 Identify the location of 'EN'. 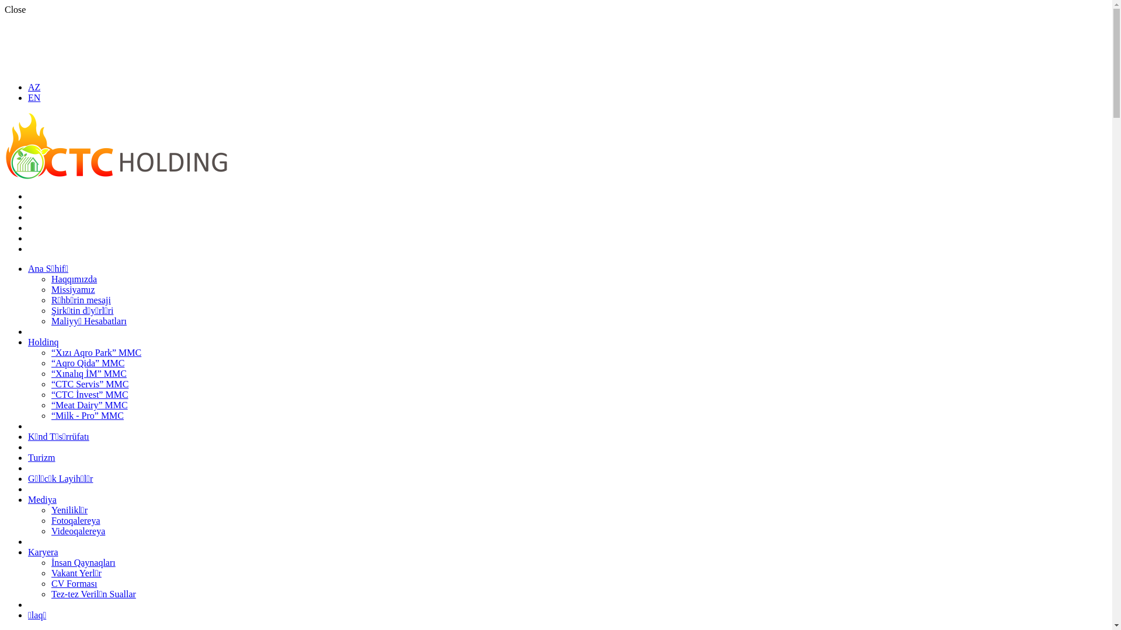
(34, 97).